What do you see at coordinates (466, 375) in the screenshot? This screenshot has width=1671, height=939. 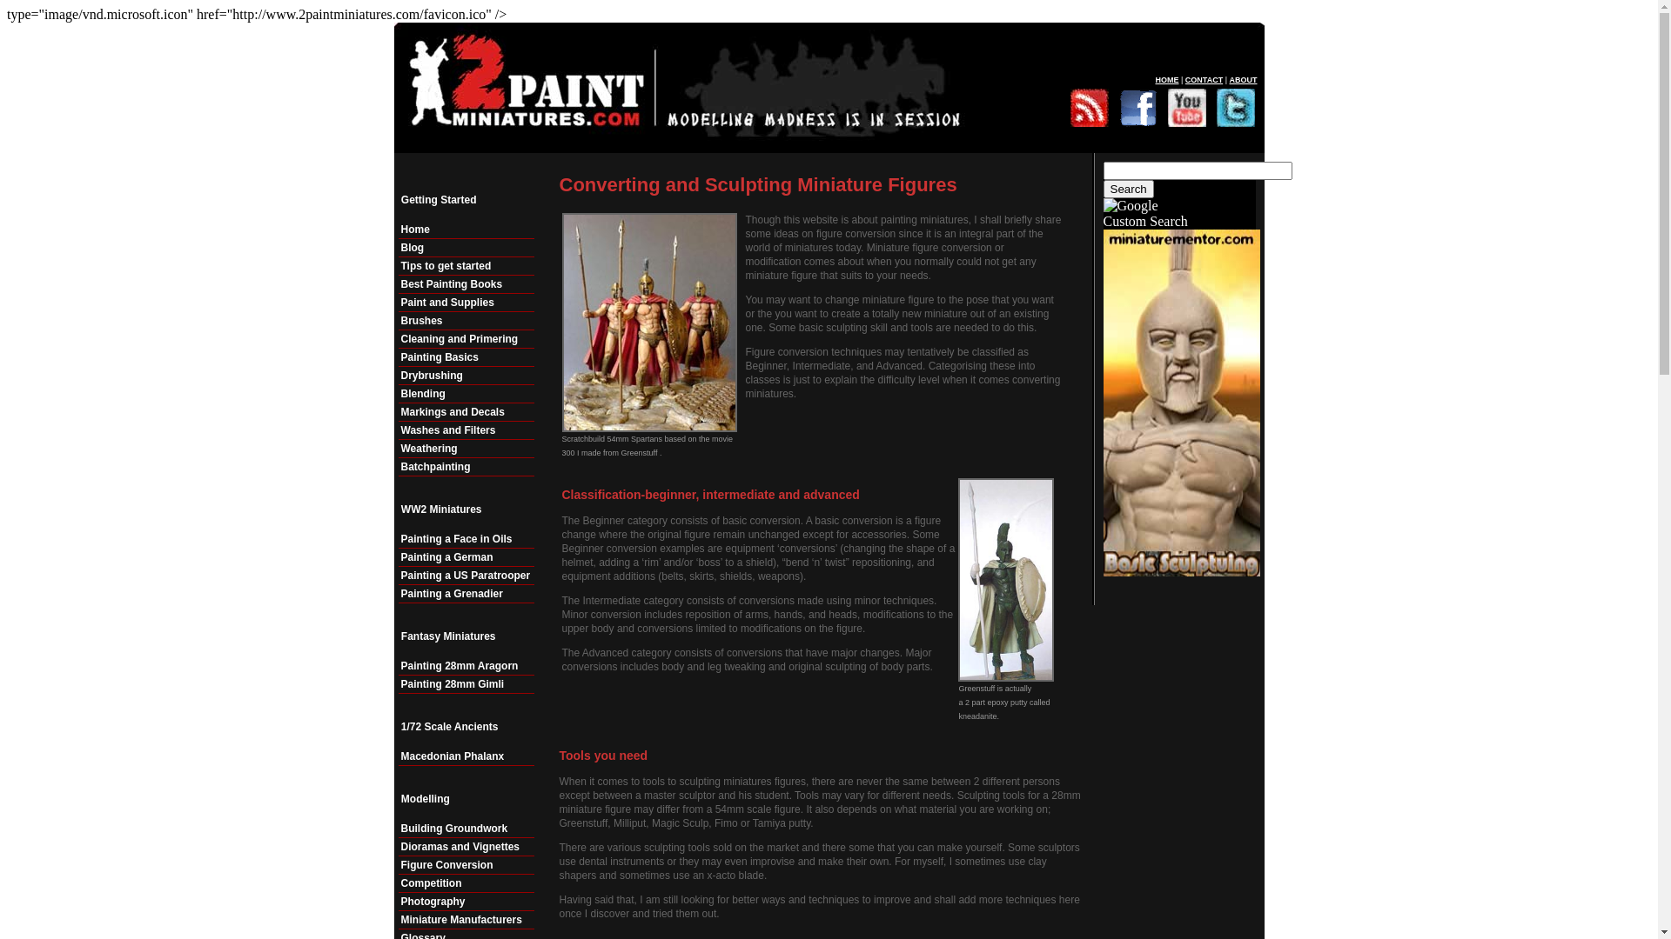 I see `'Drybrushing'` at bounding box center [466, 375].